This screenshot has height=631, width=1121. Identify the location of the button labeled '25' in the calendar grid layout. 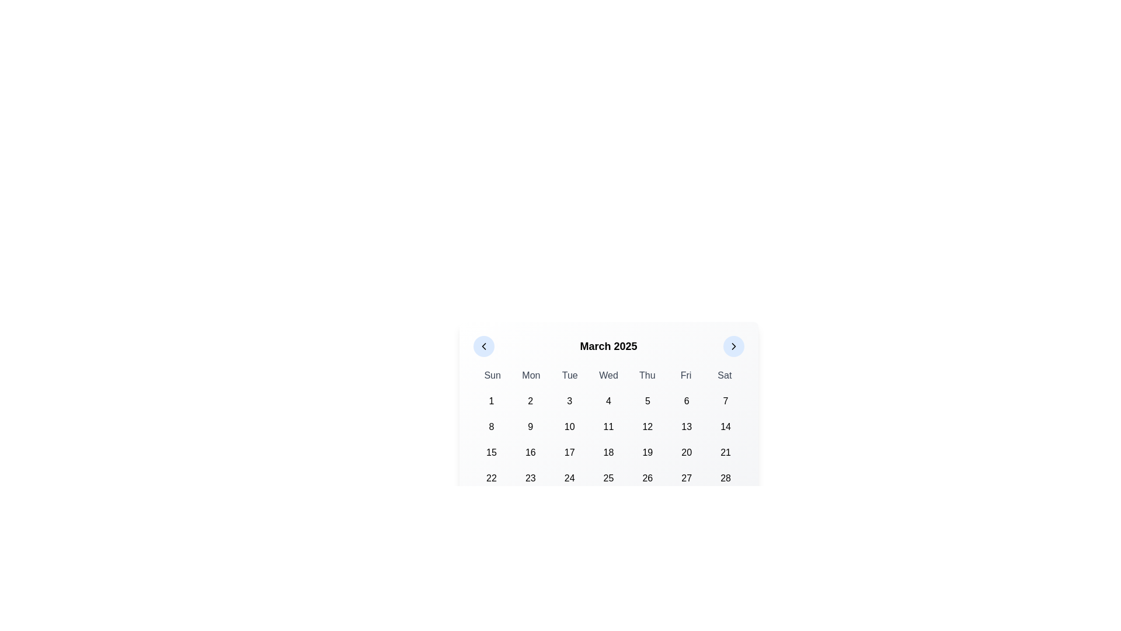
(608, 478).